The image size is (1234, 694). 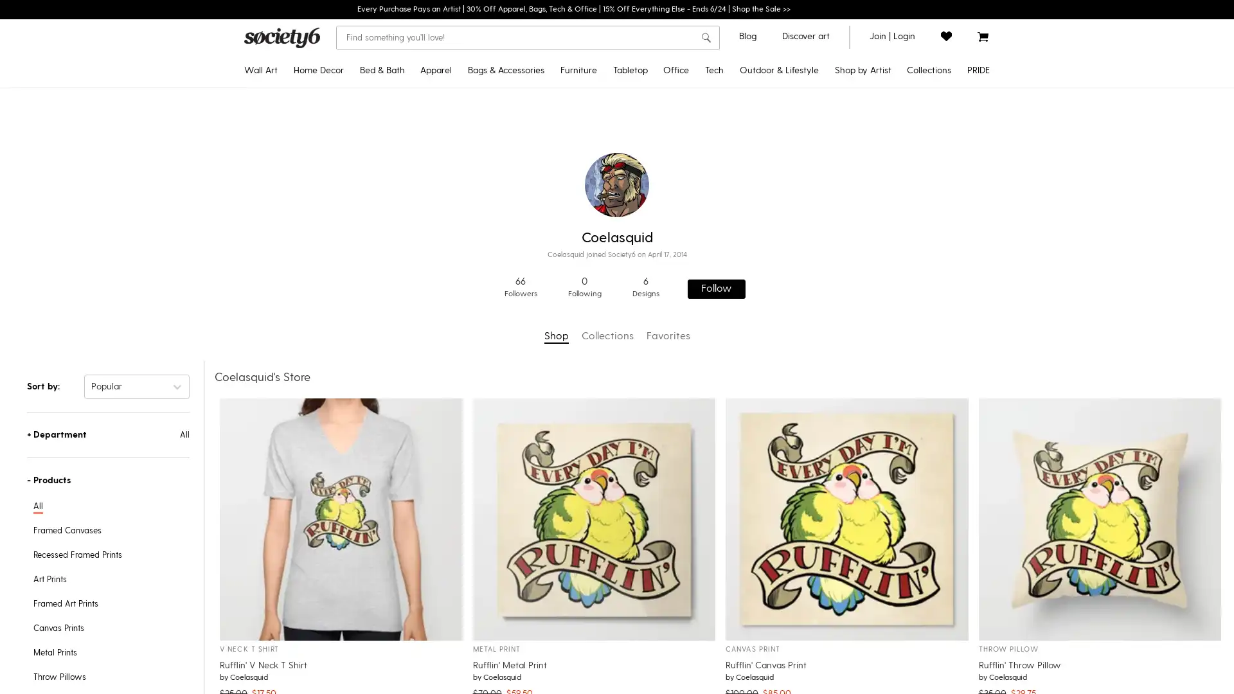 What do you see at coordinates (760, 289) in the screenshot?
I see `Laptop Stickers` at bounding box center [760, 289].